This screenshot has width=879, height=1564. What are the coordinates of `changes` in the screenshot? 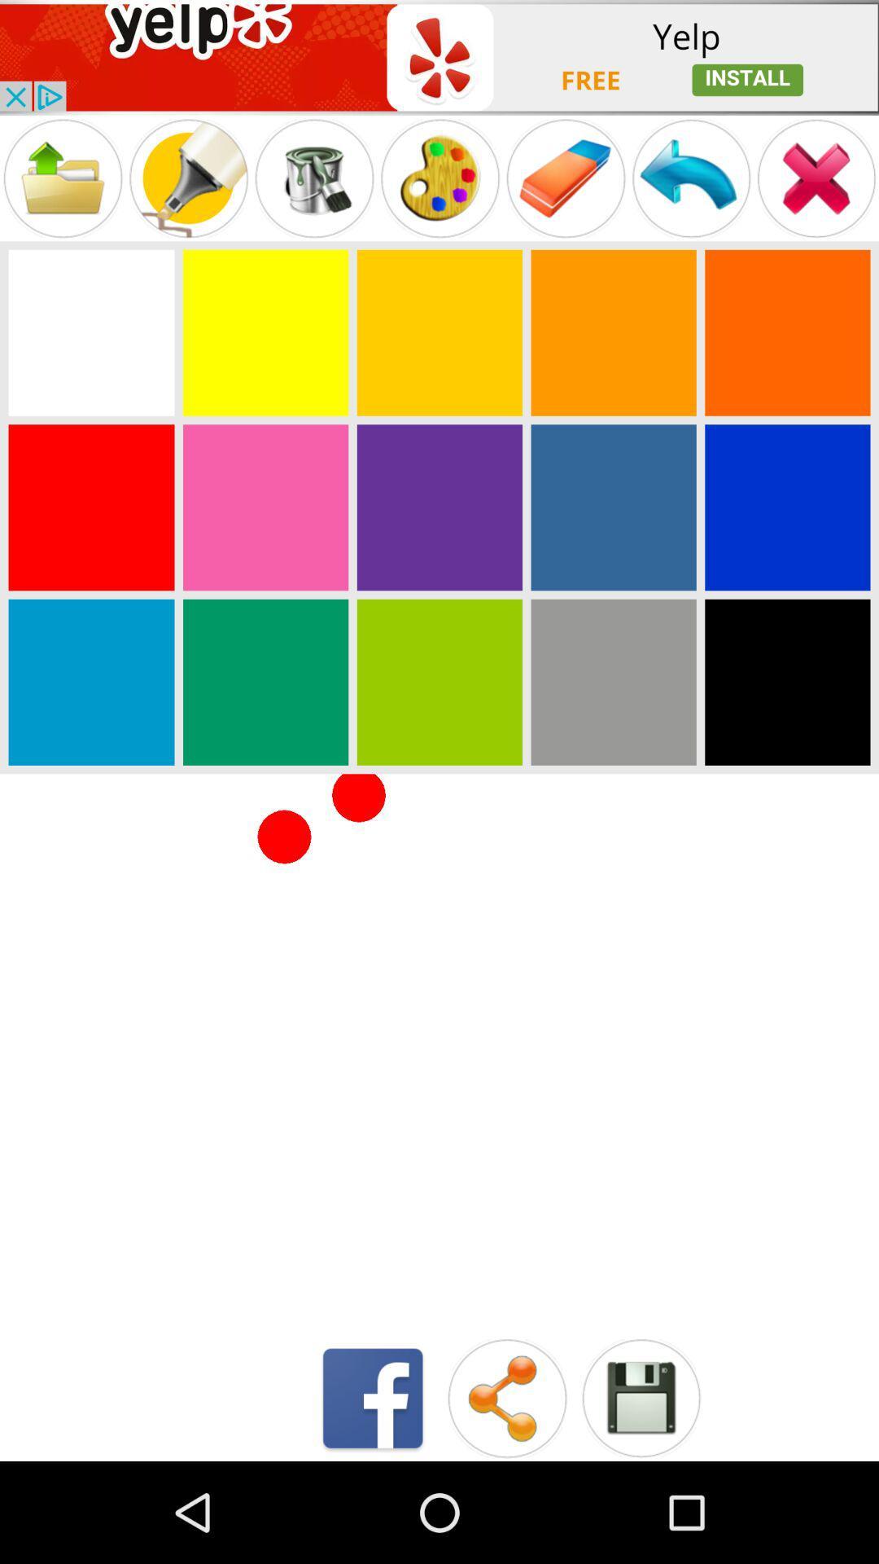 It's located at (640, 1397).